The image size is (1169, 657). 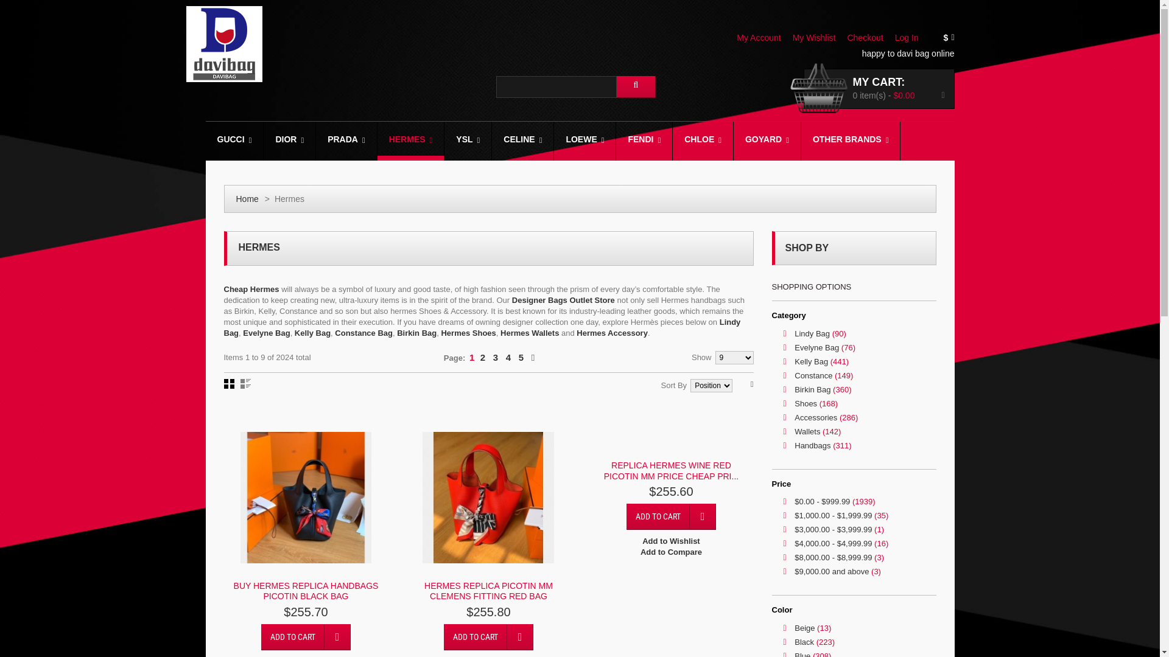 I want to click on 'CELINE', so click(x=522, y=140).